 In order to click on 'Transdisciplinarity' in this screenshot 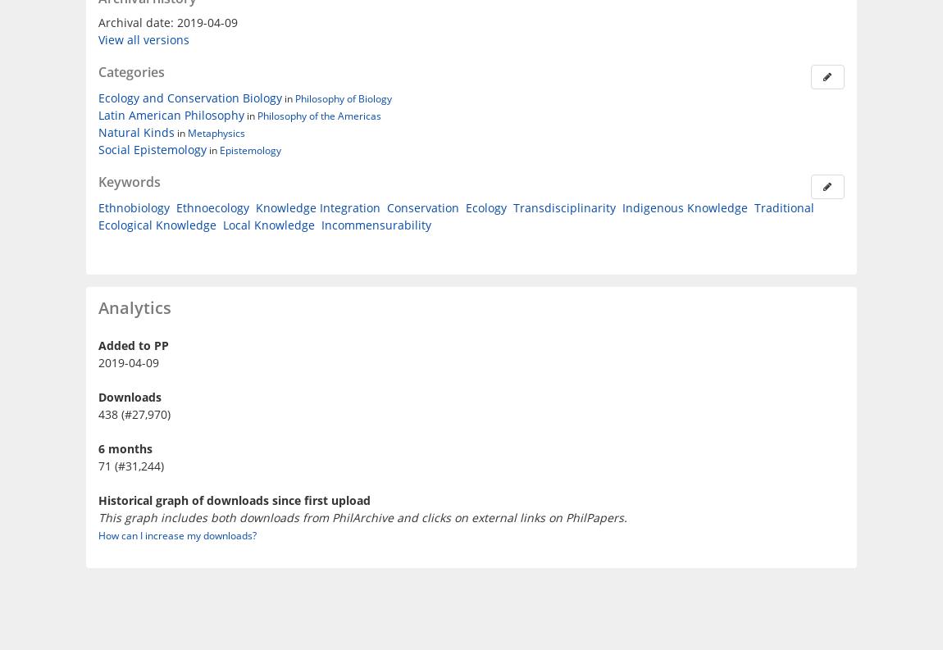, I will do `click(563, 207)`.